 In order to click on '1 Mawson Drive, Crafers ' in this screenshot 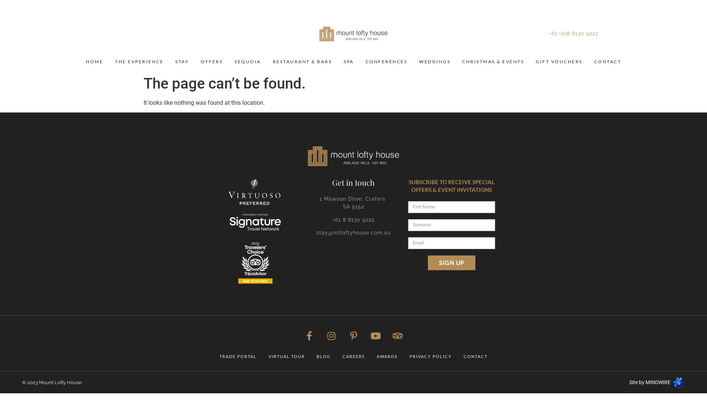, I will do `click(353, 198)`.